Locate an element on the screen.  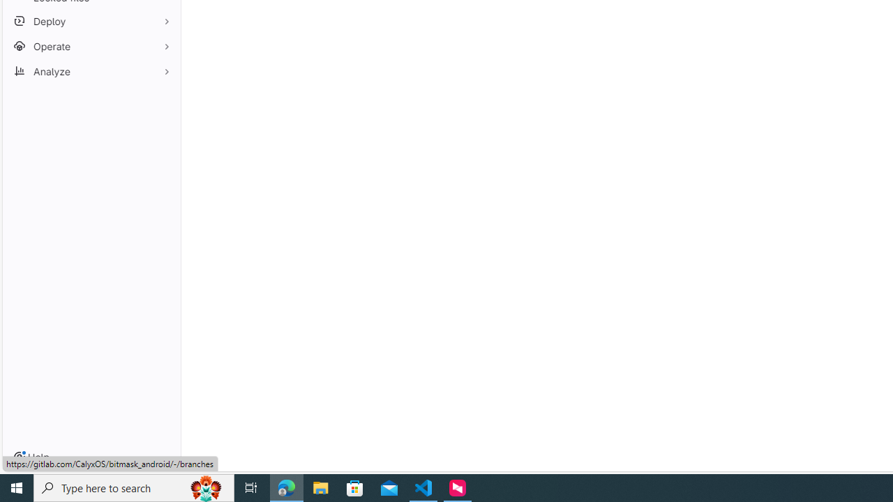
'Help' is located at coordinates (31, 457).